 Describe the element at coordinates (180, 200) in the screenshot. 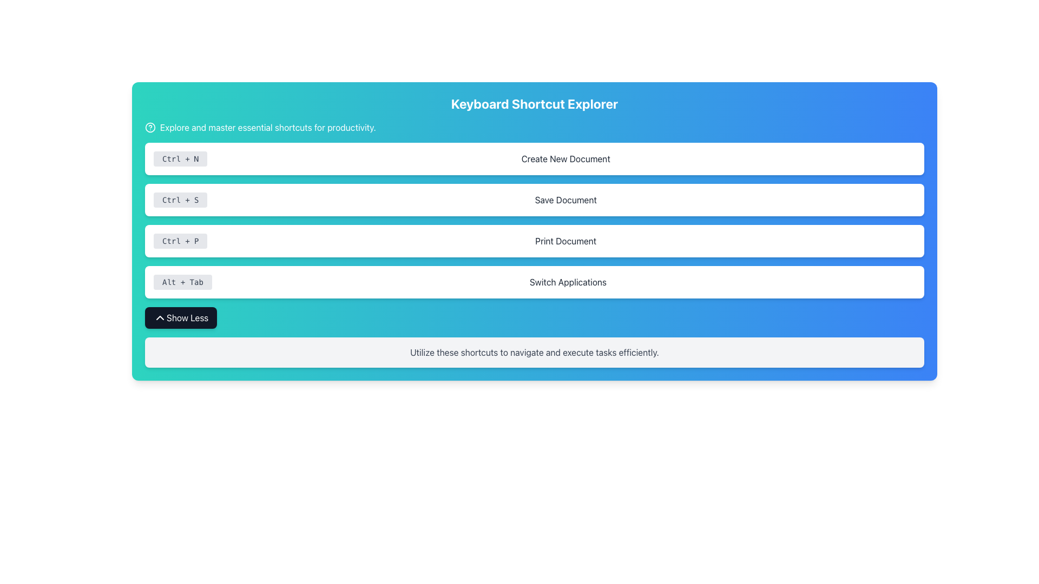

I see `the button-like text display with the text 'Ctrl + S' that has a rounded light gray background, positioned within the shortcut-key descriptions list` at that location.